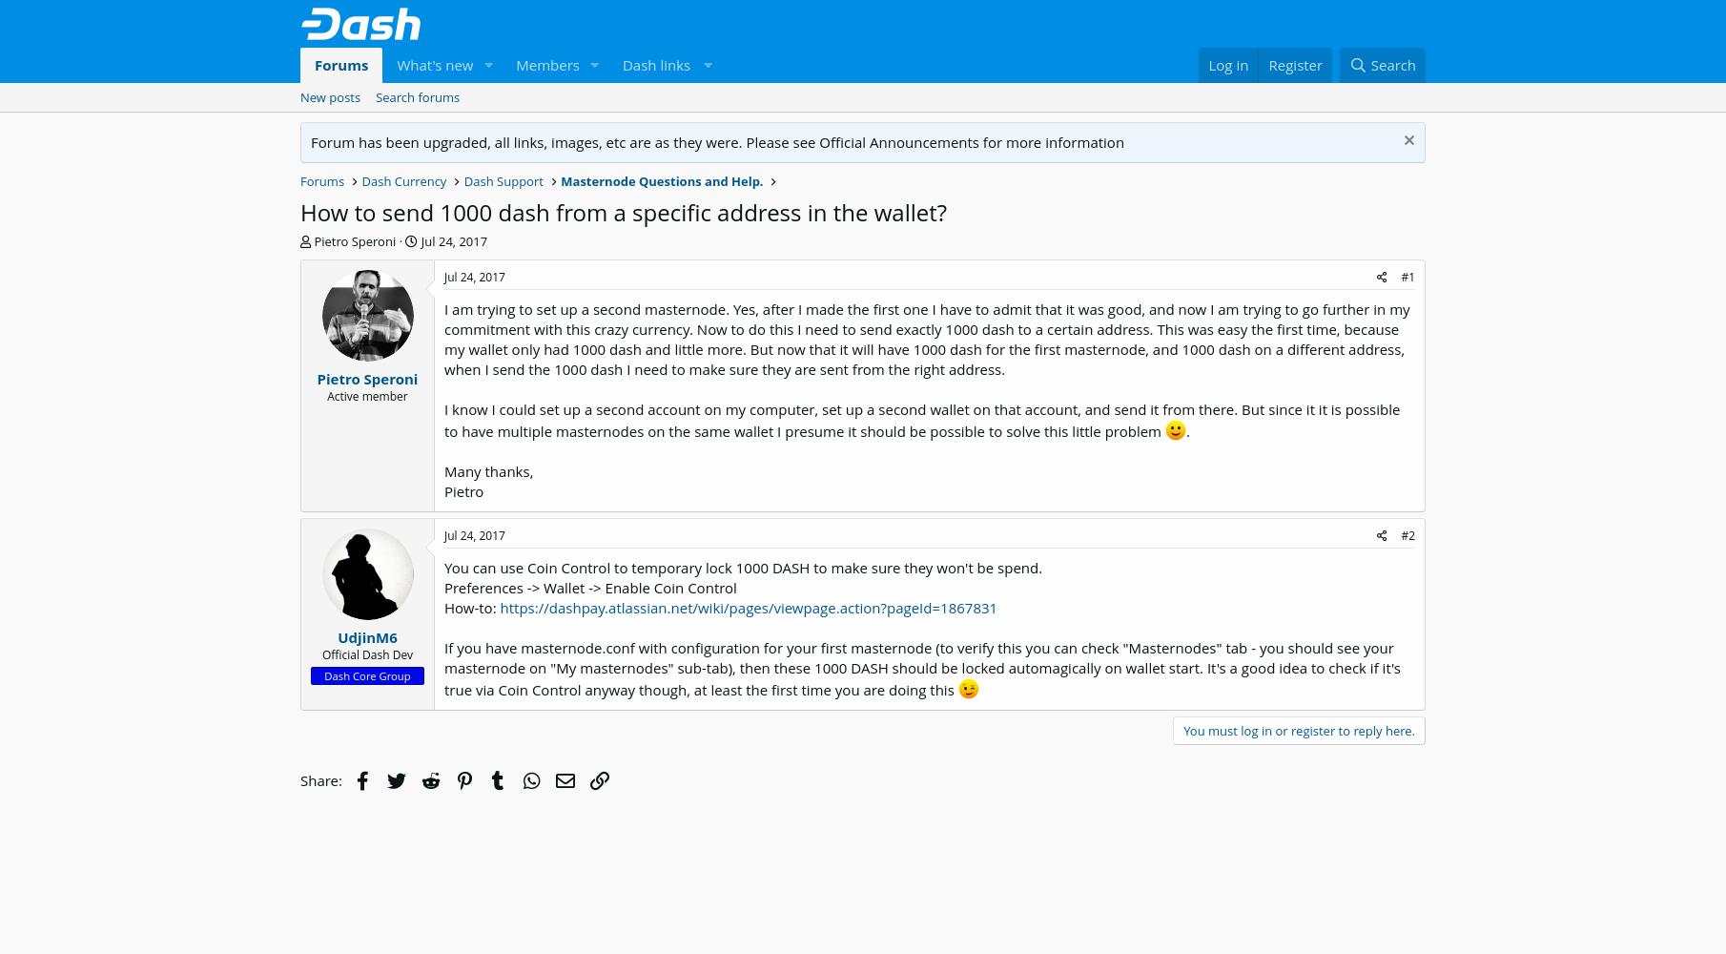 The image size is (1726, 954). Describe the element at coordinates (654, 64) in the screenshot. I see `'Dash links'` at that location.